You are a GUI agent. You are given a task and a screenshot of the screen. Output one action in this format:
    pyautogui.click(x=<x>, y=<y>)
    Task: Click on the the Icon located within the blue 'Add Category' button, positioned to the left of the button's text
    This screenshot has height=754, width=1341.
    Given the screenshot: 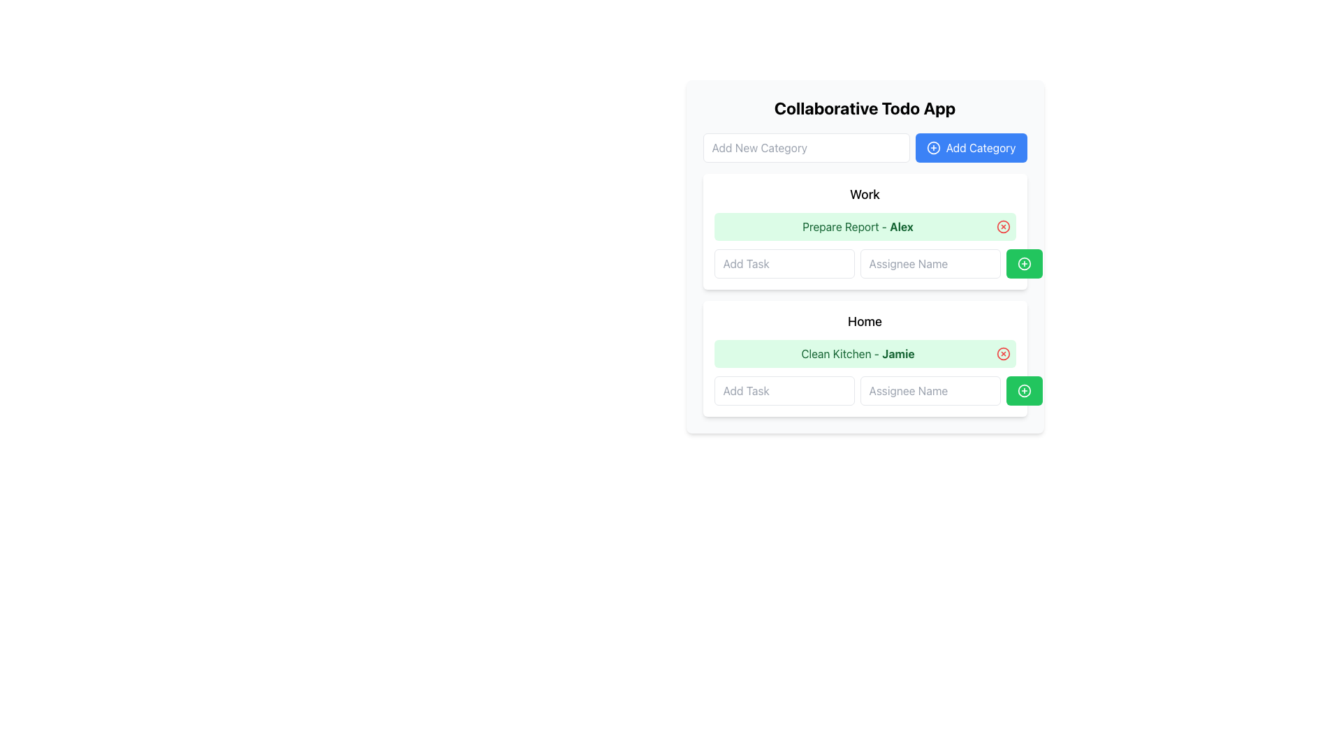 What is the action you would take?
    pyautogui.click(x=933, y=148)
    